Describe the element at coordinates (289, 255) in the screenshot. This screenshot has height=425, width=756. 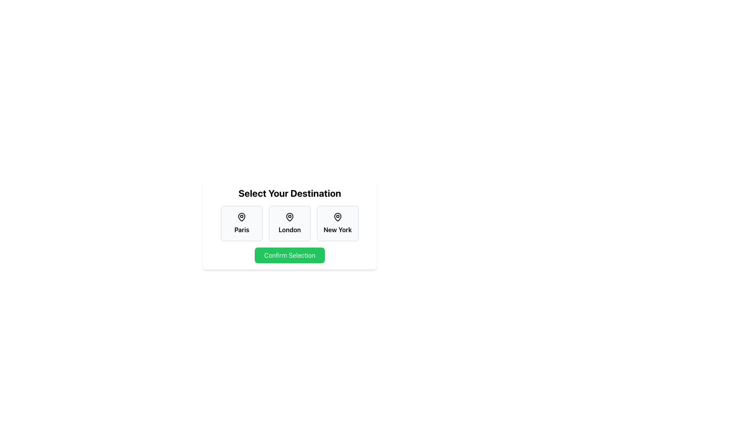
I see `the confirmation button located at the bottom of the dialog box` at that location.